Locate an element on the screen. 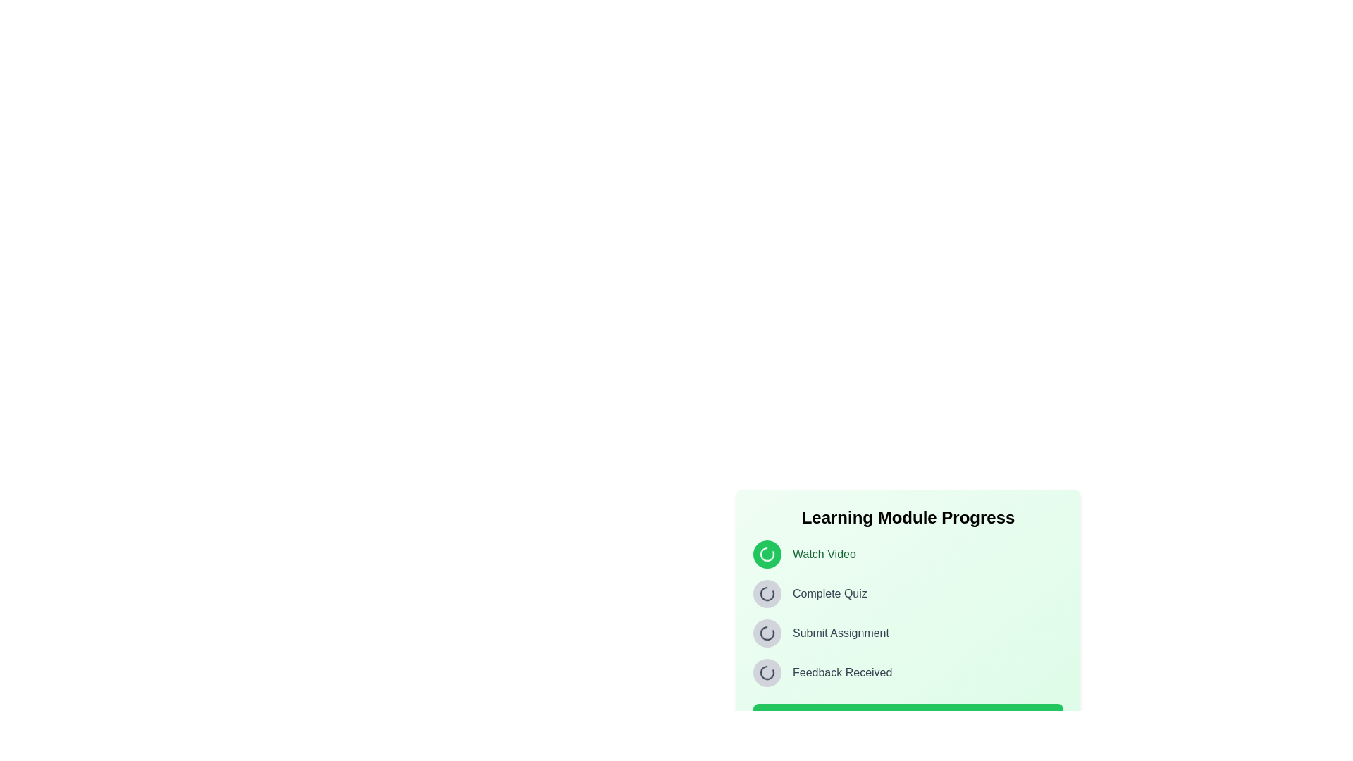 The image size is (1353, 761). the graphical loader icon indicating the ongoing state of the 'Submit Assignment' task within the learning module is located at coordinates (767, 632).